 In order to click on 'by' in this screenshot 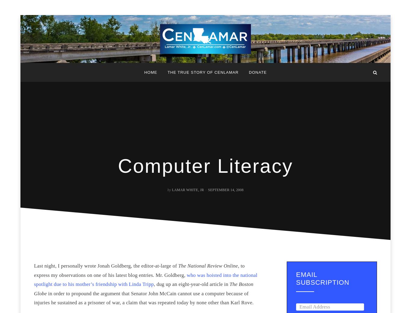, I will do `click(167, 189)`.